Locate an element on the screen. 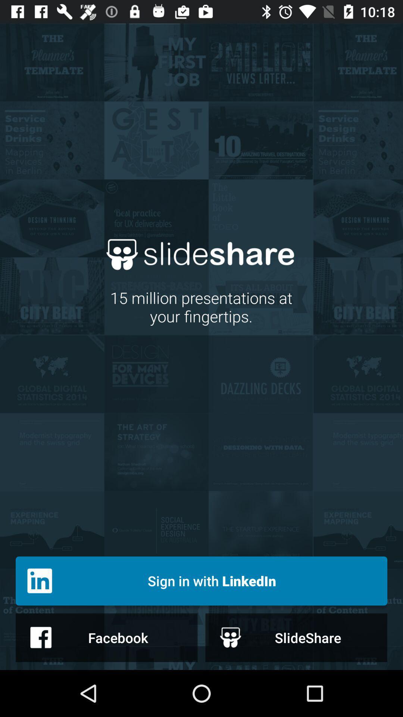 Image resolution: width=403 pixels, height=717 pixels. the icon to the right of the facebook is located at coordinates (296, 637).